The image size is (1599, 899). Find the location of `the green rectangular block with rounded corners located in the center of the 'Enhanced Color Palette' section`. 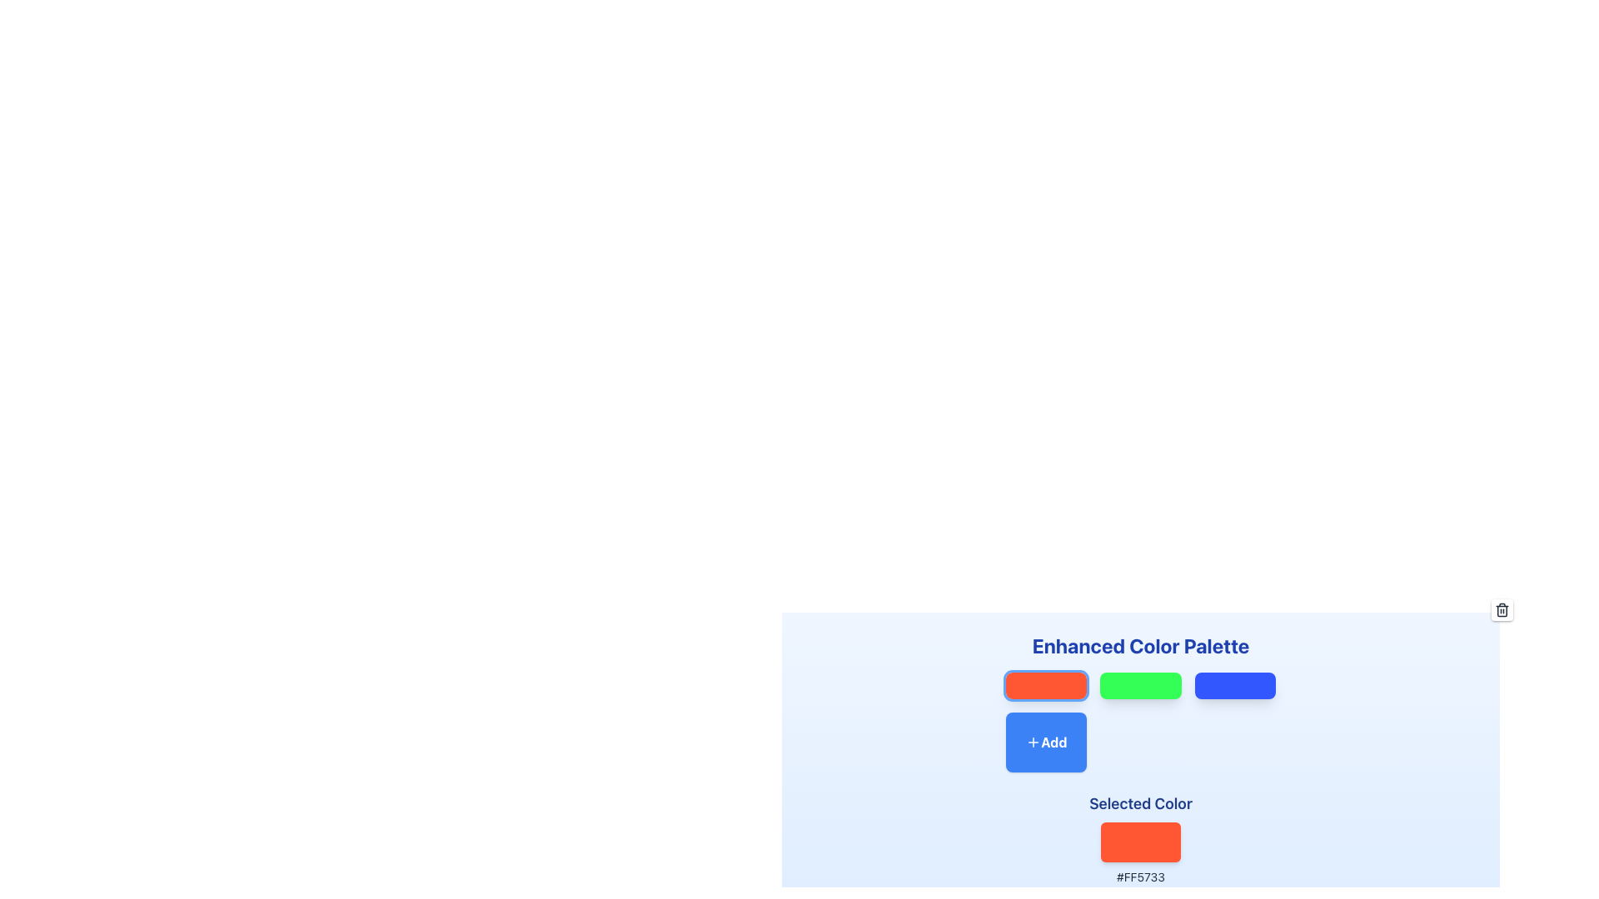

the green rectangular block with rounded corners located in the center of the 'Enhanced Color Palette' section is located at coordinates (1139, 686).